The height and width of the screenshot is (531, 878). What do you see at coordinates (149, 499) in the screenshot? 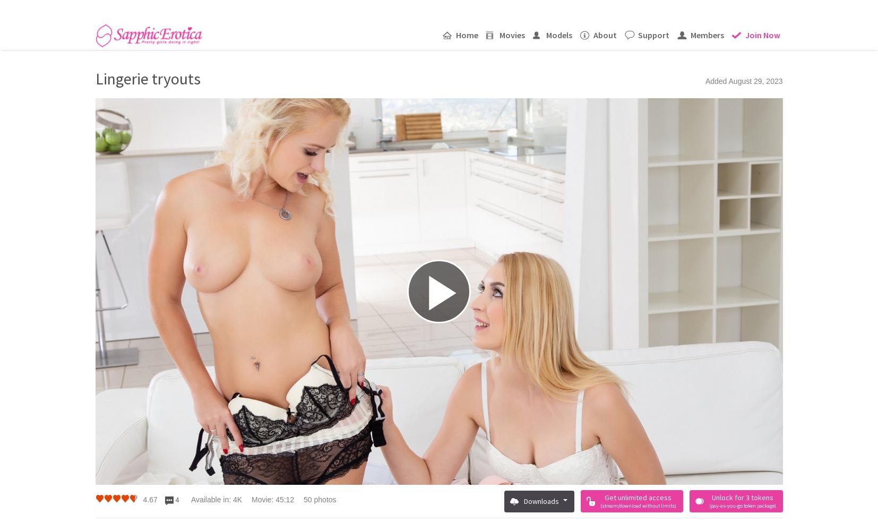
I see `'4.67'` at bounding box center [149, 499].